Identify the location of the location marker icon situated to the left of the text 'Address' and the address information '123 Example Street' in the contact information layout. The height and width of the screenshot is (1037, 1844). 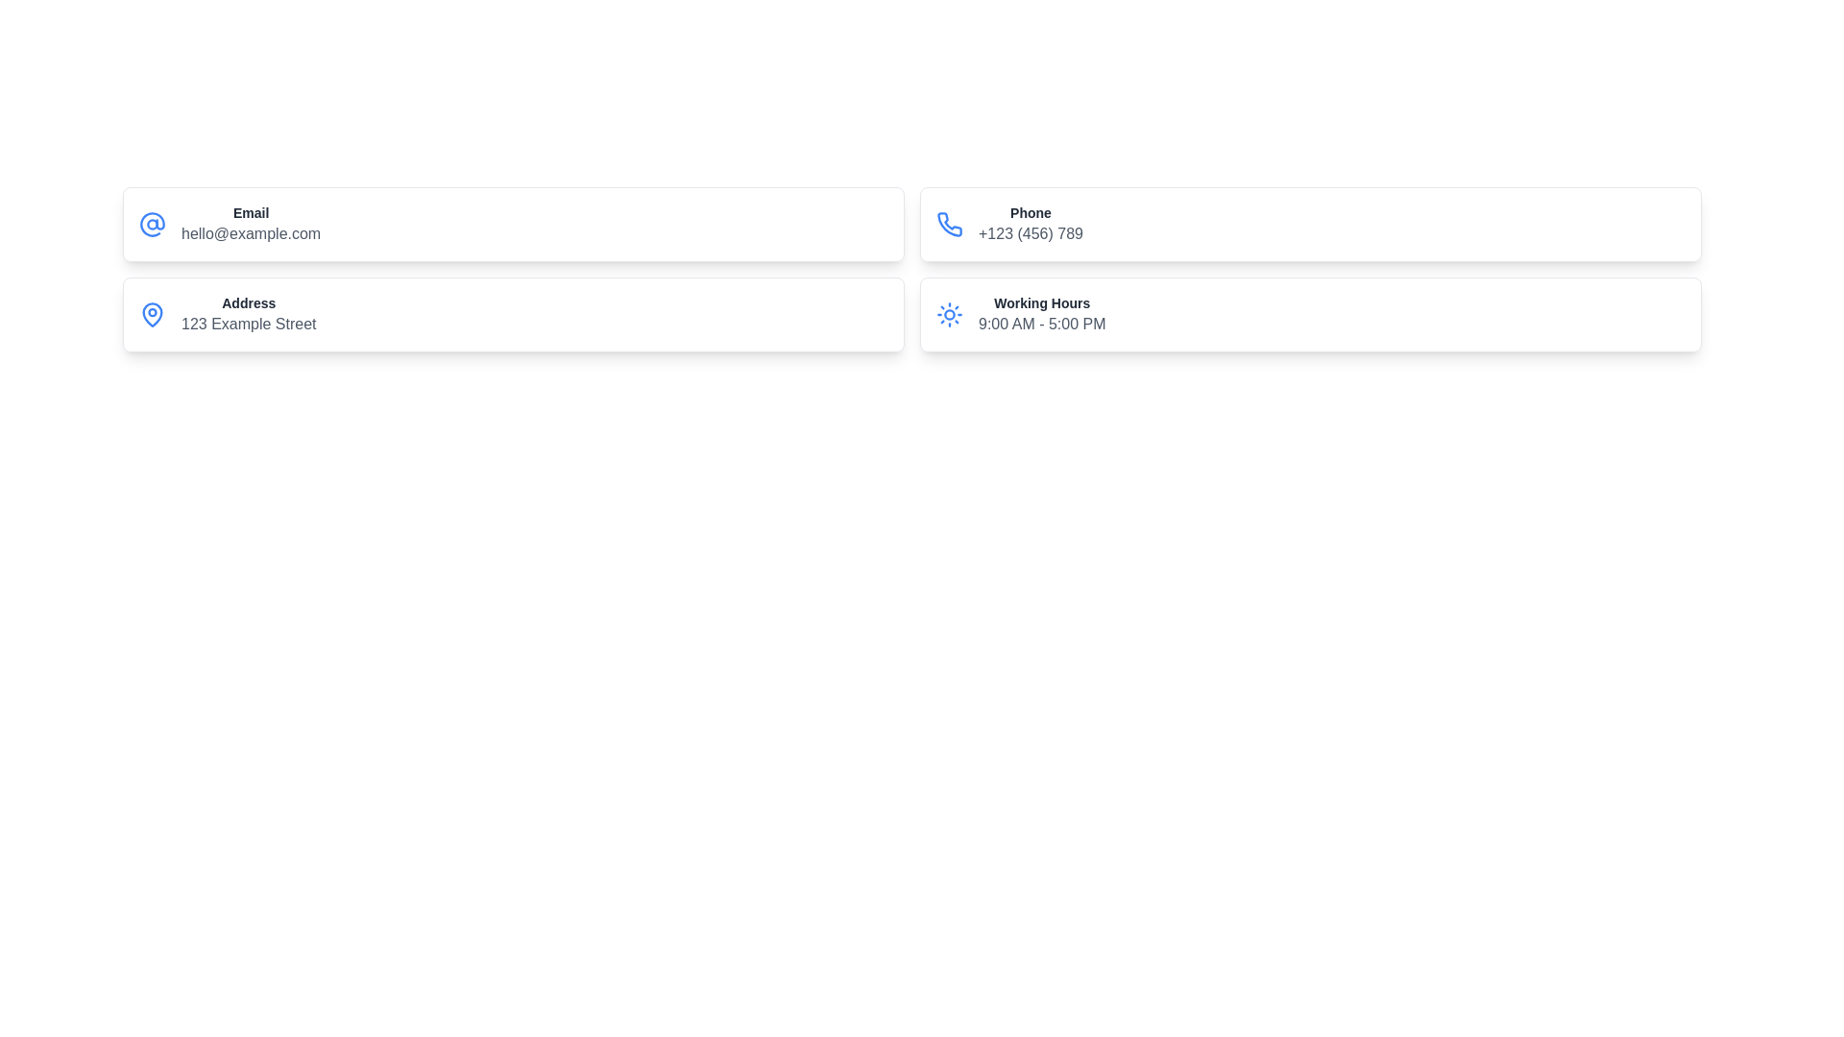
(151, 313).